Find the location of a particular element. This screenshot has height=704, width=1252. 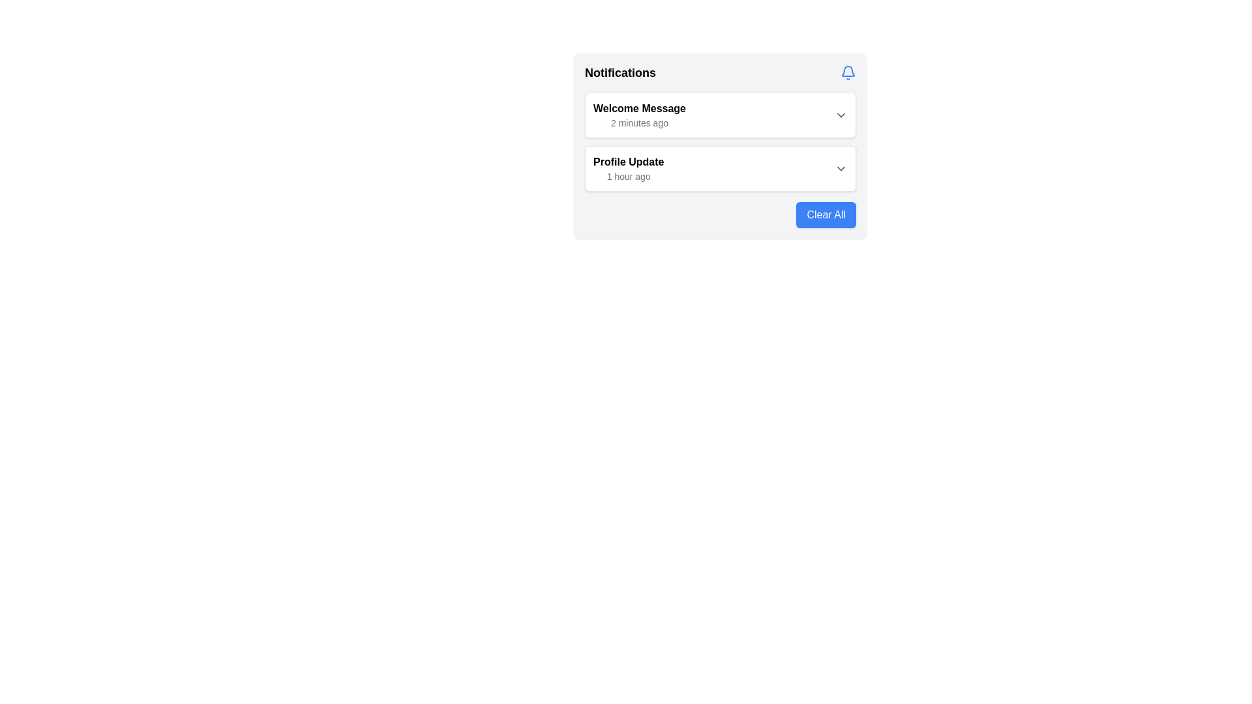

the 'Welcome Message' text element, which is styled in bold and positioned at the top of the first notification card under 'Notifications' is located at coordinates (639, 108).